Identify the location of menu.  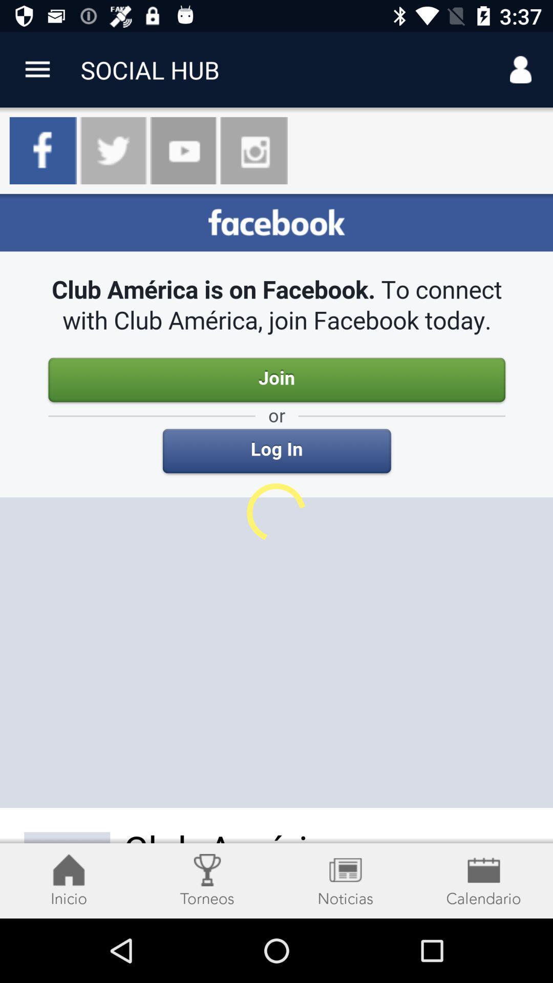
(37, 69).